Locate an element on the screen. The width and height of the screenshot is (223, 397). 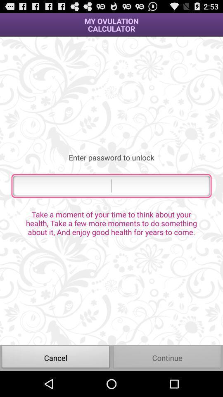
the item below the take a moment is located at coordinates (56, 357).